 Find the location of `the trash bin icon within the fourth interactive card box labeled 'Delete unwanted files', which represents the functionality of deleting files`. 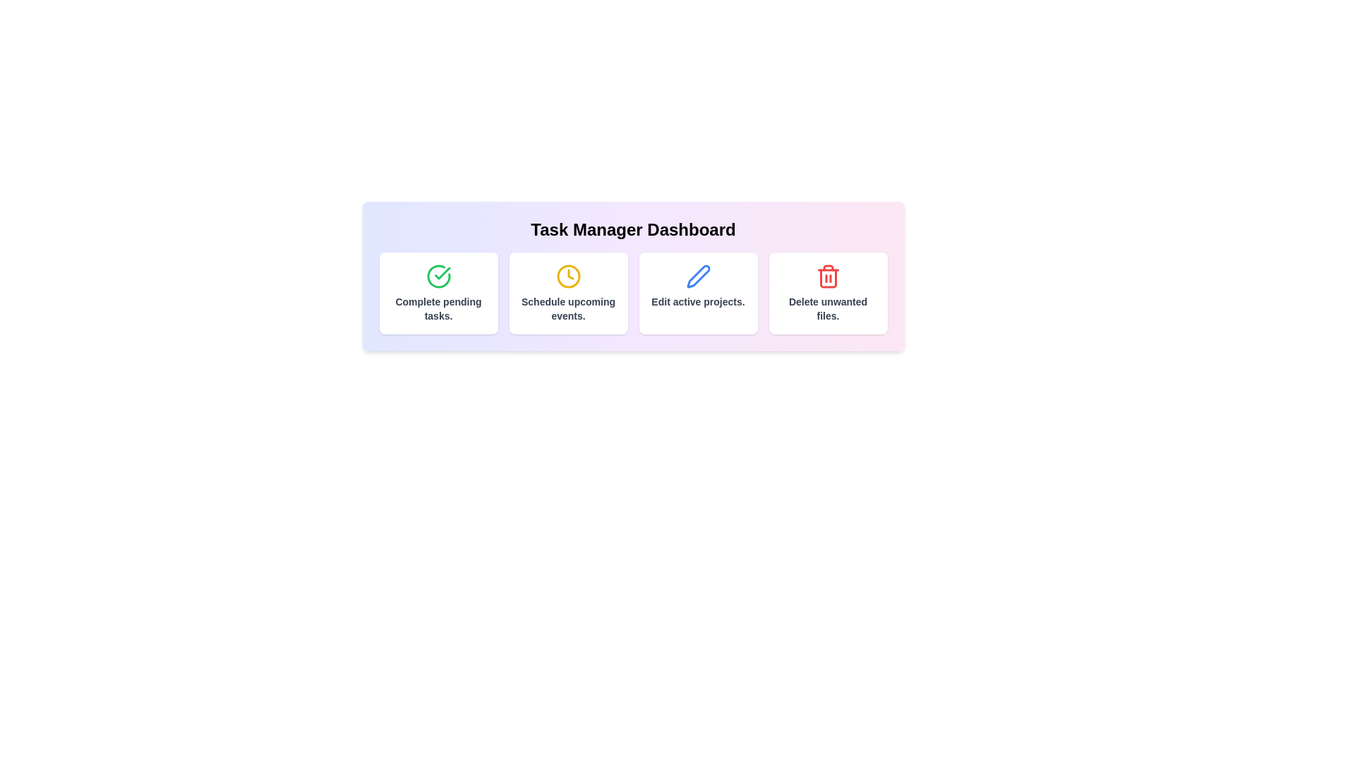

the trash bin icon within the fourth interactive card box labeled 'Delete unwanted files', which represents the functionality of deleting files is located at coordinates (828, 278).